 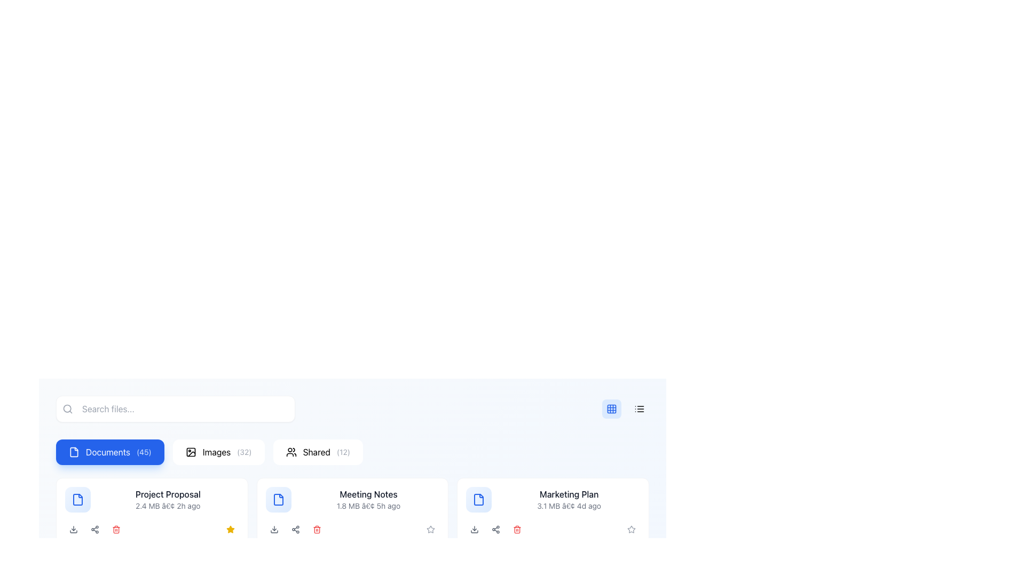 I want to click on the red trash bin icon, so click(x=116, y=529).